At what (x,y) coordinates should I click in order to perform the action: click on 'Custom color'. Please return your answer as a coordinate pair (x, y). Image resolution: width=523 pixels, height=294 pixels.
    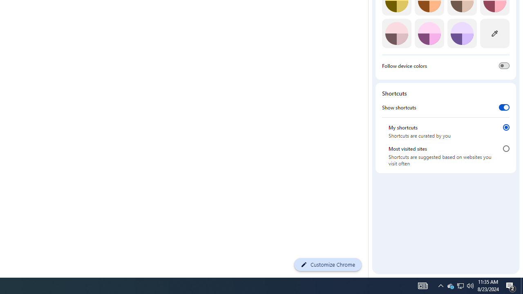
    Looking at the image, I should click on (494, 33).